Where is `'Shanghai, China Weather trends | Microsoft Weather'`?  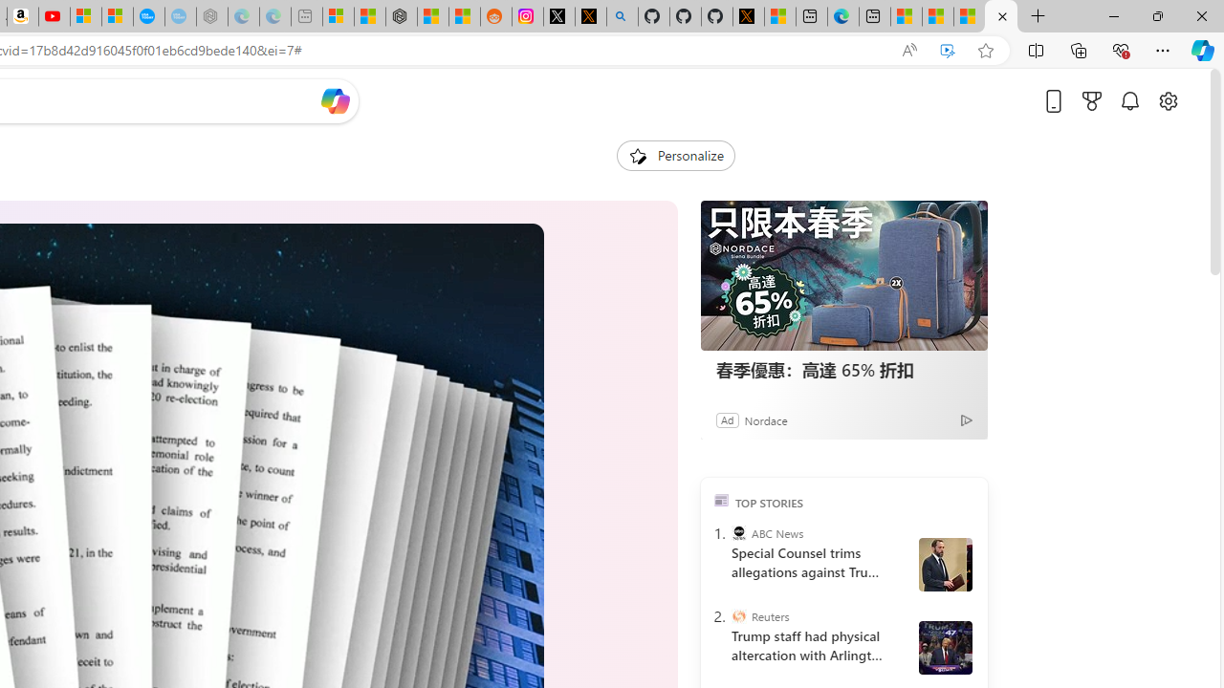
'Shanghai, China Weather trends | Microsoft Weather' is located at coordinates (464, 16).